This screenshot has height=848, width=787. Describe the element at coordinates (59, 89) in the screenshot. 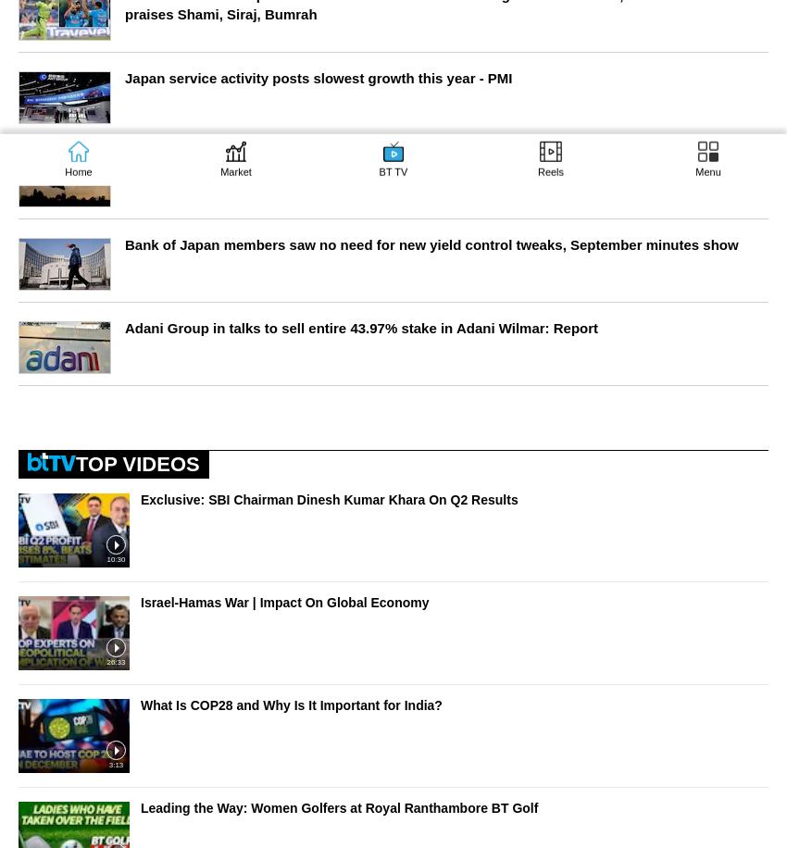

I see `'IPO Corner'` at that location.